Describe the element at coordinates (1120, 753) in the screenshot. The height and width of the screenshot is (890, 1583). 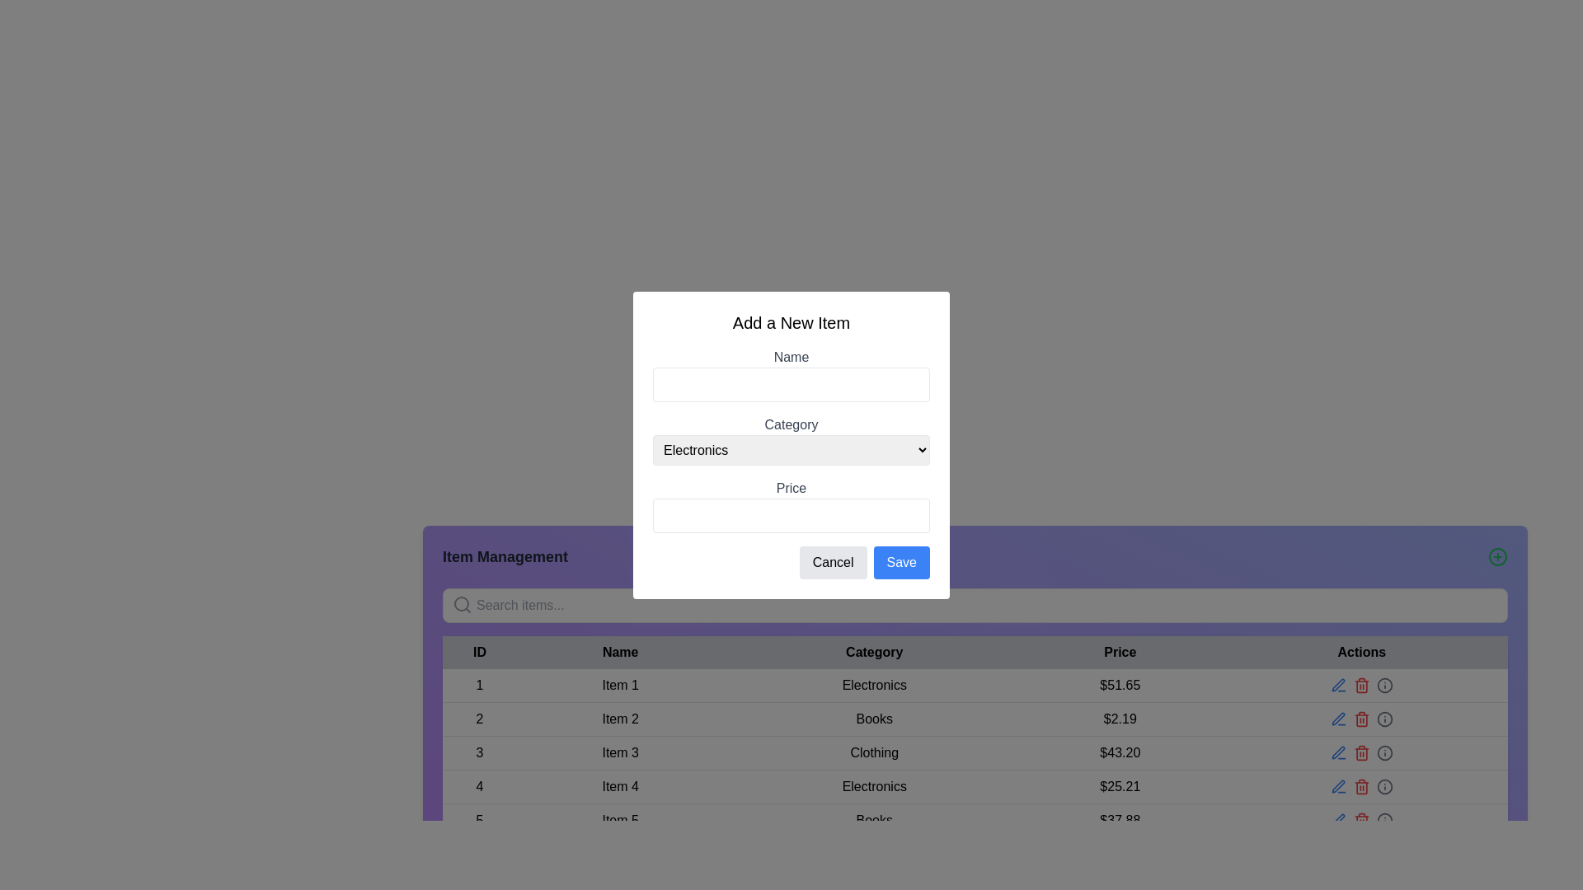
I see `the text label element displaying the price '$43.20' for 'Item 3' in the 'Clothing' category, located in the 'Price' column of the table` at that location.